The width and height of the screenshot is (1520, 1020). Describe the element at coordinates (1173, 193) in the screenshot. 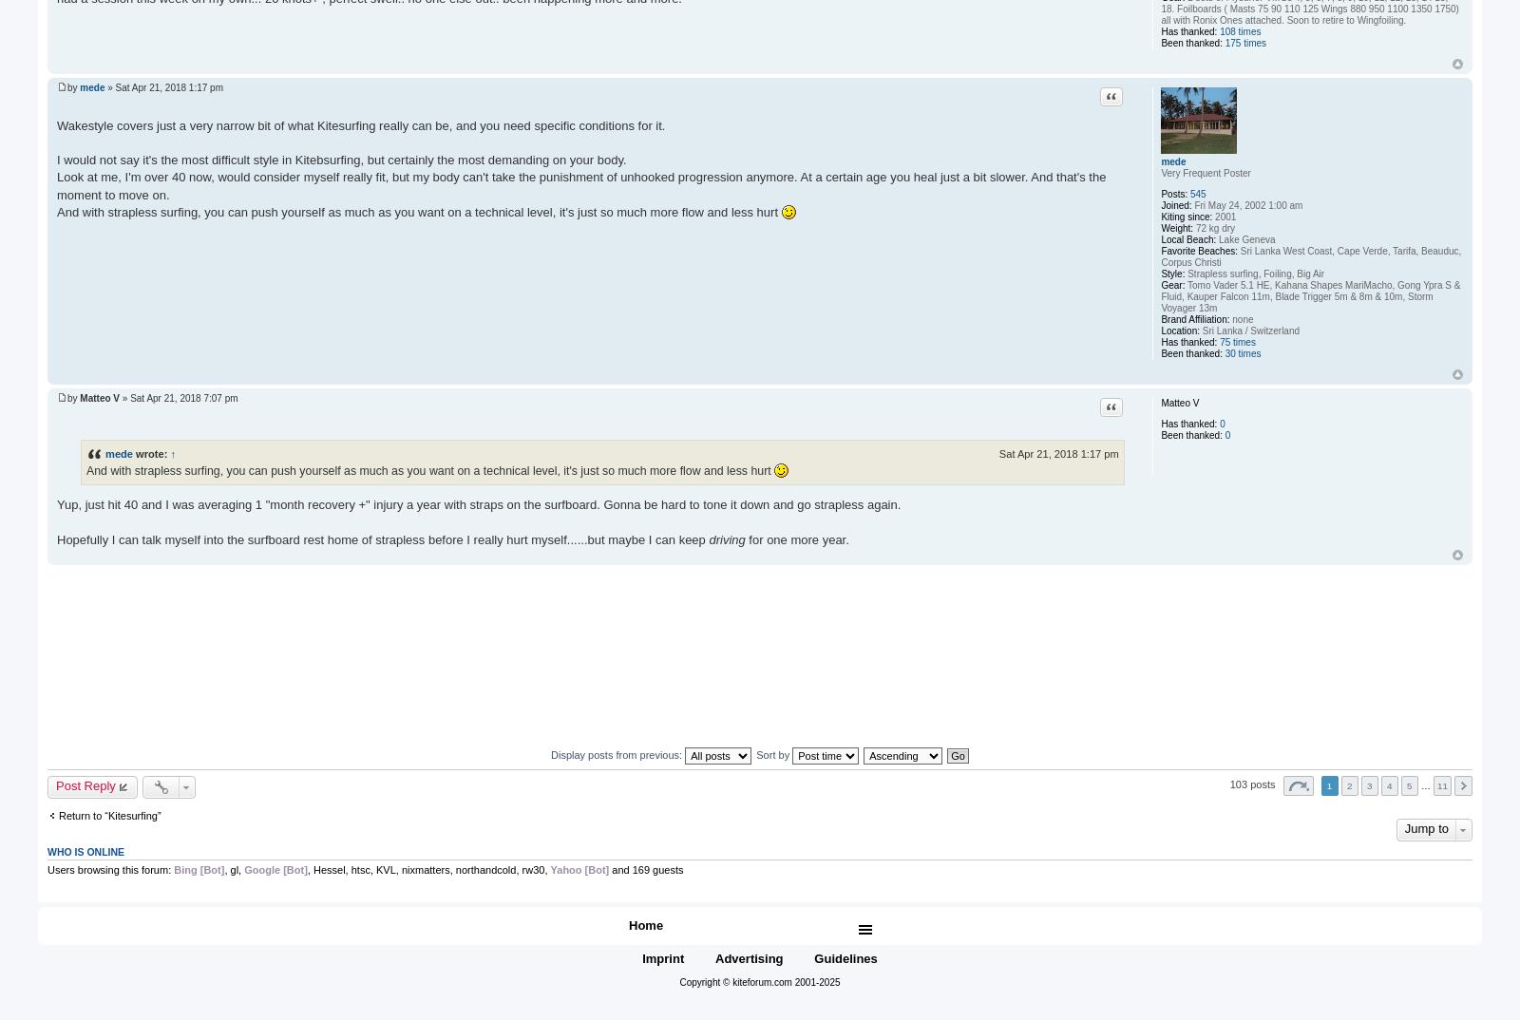

I see `'Posts:'` at that location.